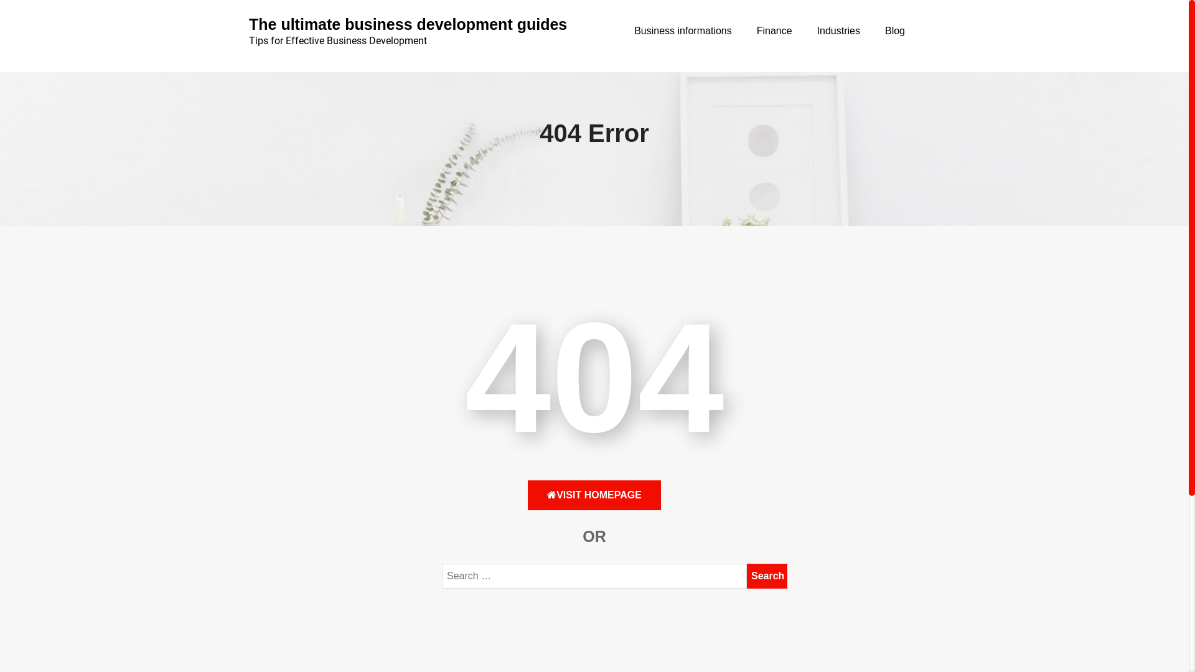 The image size is (1195, 672). I want to click on 'Finance', so click(774, 30).